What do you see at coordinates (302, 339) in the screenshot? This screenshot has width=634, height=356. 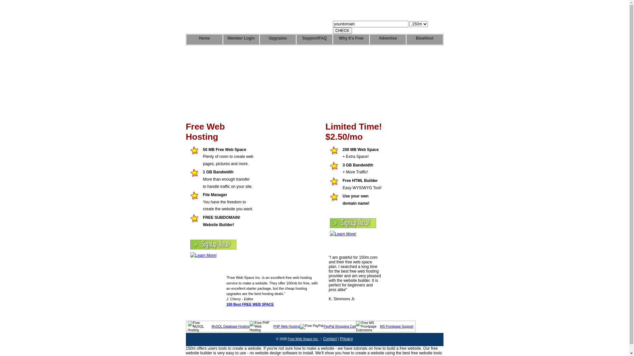 I see `'Free Web Space Inc.'` at bounding box center [302, 339].